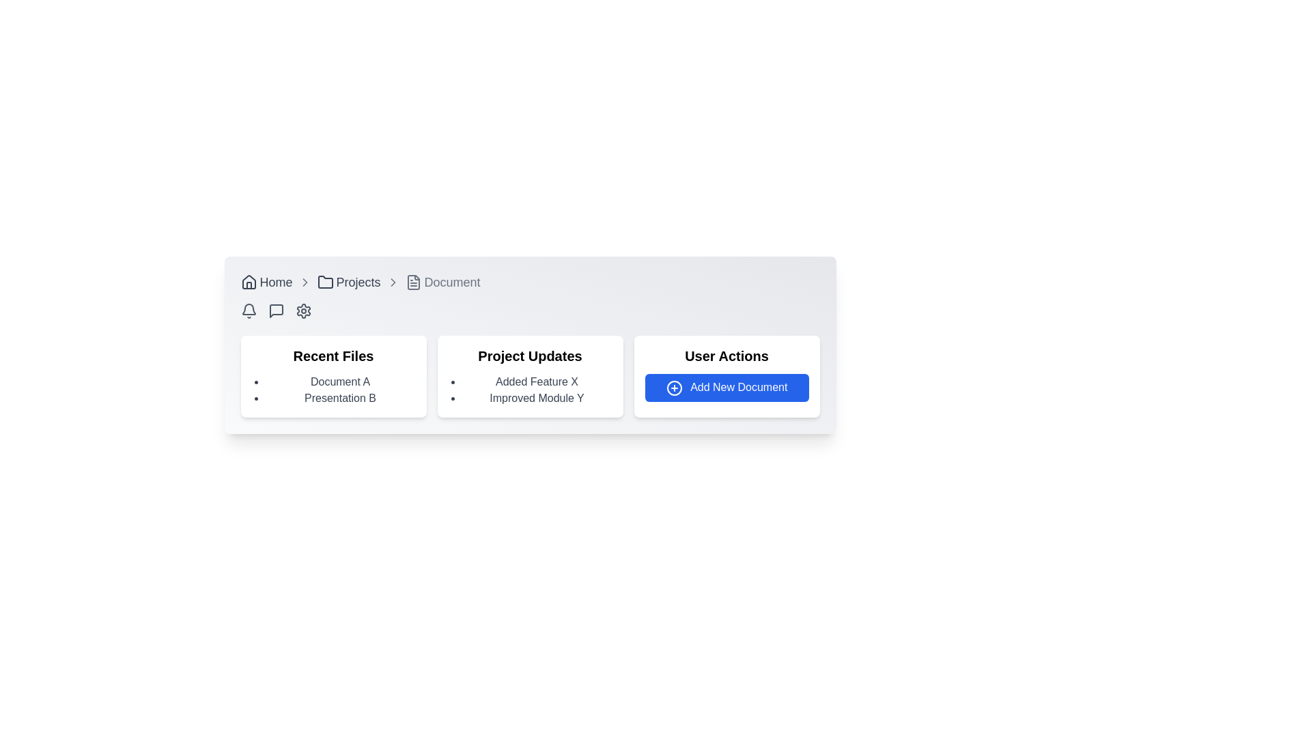  I want to click on the 'Projects' icon located in the breadcrumb navigation bar, which visually represents the 'Projects' section next to the text 'Projects', so click(324, 281).